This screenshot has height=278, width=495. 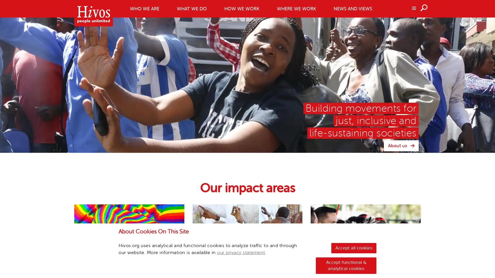 I want to click on Search button, so click(x=424, y=7).